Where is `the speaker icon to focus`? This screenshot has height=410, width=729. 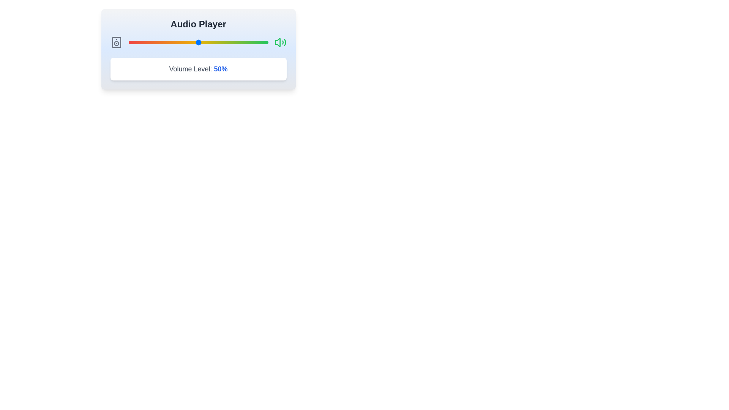
the speaker icon to focus is located at coordinates (116, 42).